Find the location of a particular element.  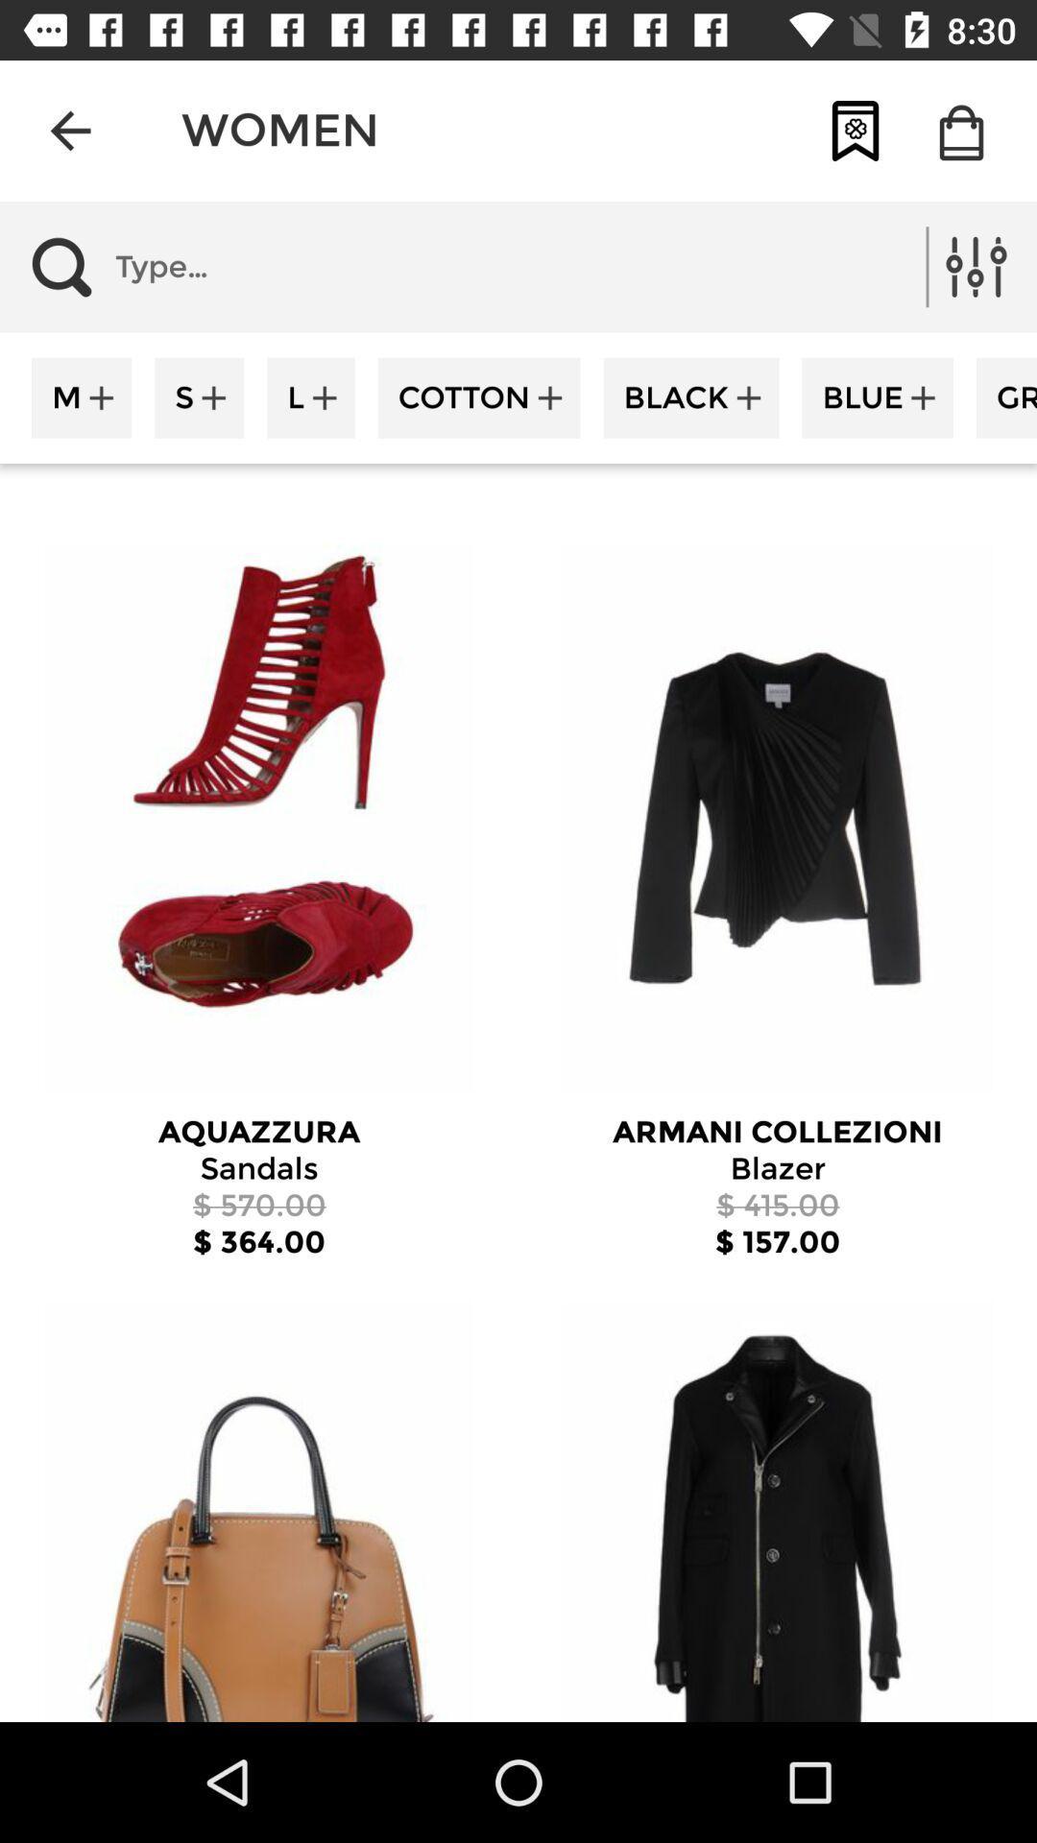

l icon is located at coordinates (310, 396).